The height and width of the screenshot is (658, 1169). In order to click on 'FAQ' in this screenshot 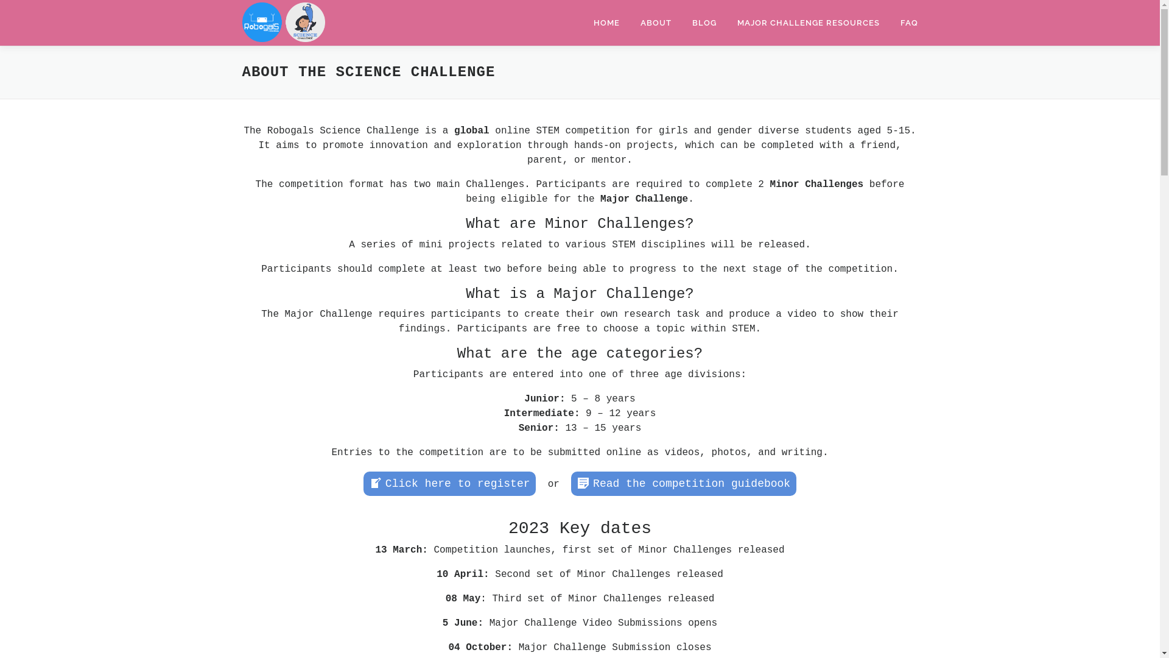, I will do `click(904, 23)`.